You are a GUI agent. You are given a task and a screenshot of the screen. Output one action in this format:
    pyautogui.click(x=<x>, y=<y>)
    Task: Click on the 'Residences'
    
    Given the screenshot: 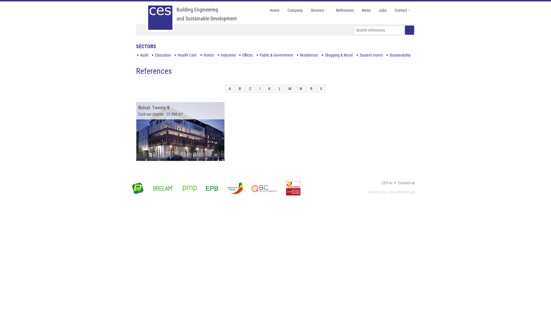 What is the action you would take?
    pyautogui.click(x=309, y=55)
    